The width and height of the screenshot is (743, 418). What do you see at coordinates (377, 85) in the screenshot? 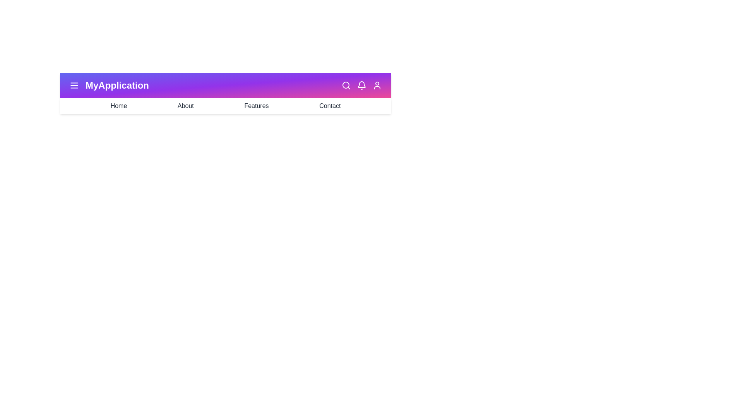
I see `the user icon to view user options` at bounding box center [377, 85].